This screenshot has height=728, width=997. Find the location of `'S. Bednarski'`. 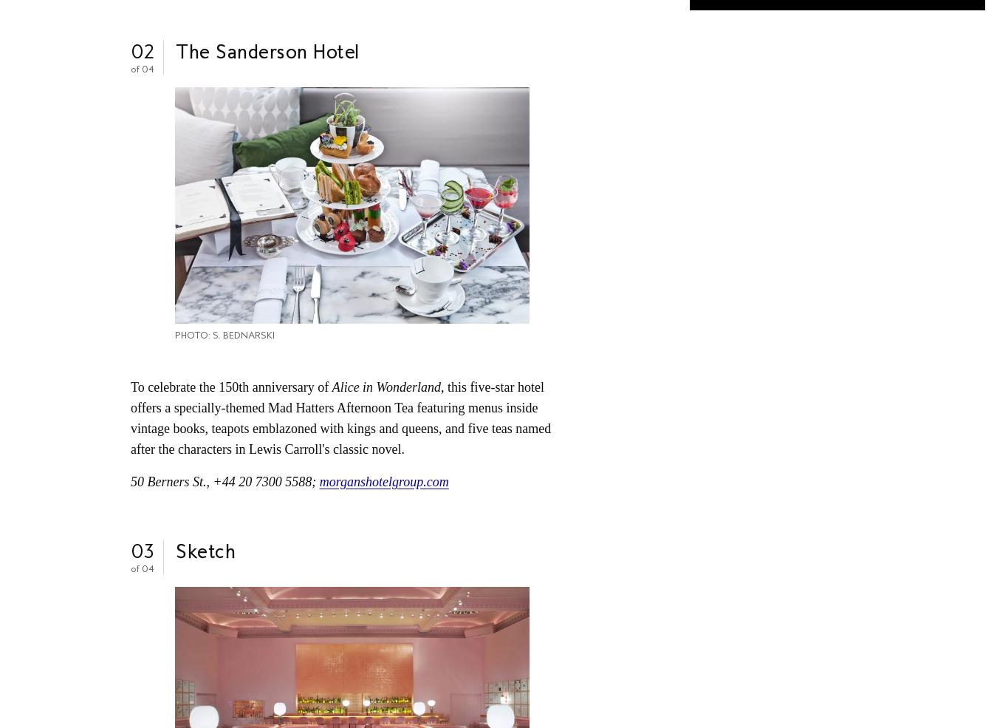

'S. Bednarski' is located at coordinates (242, 333).